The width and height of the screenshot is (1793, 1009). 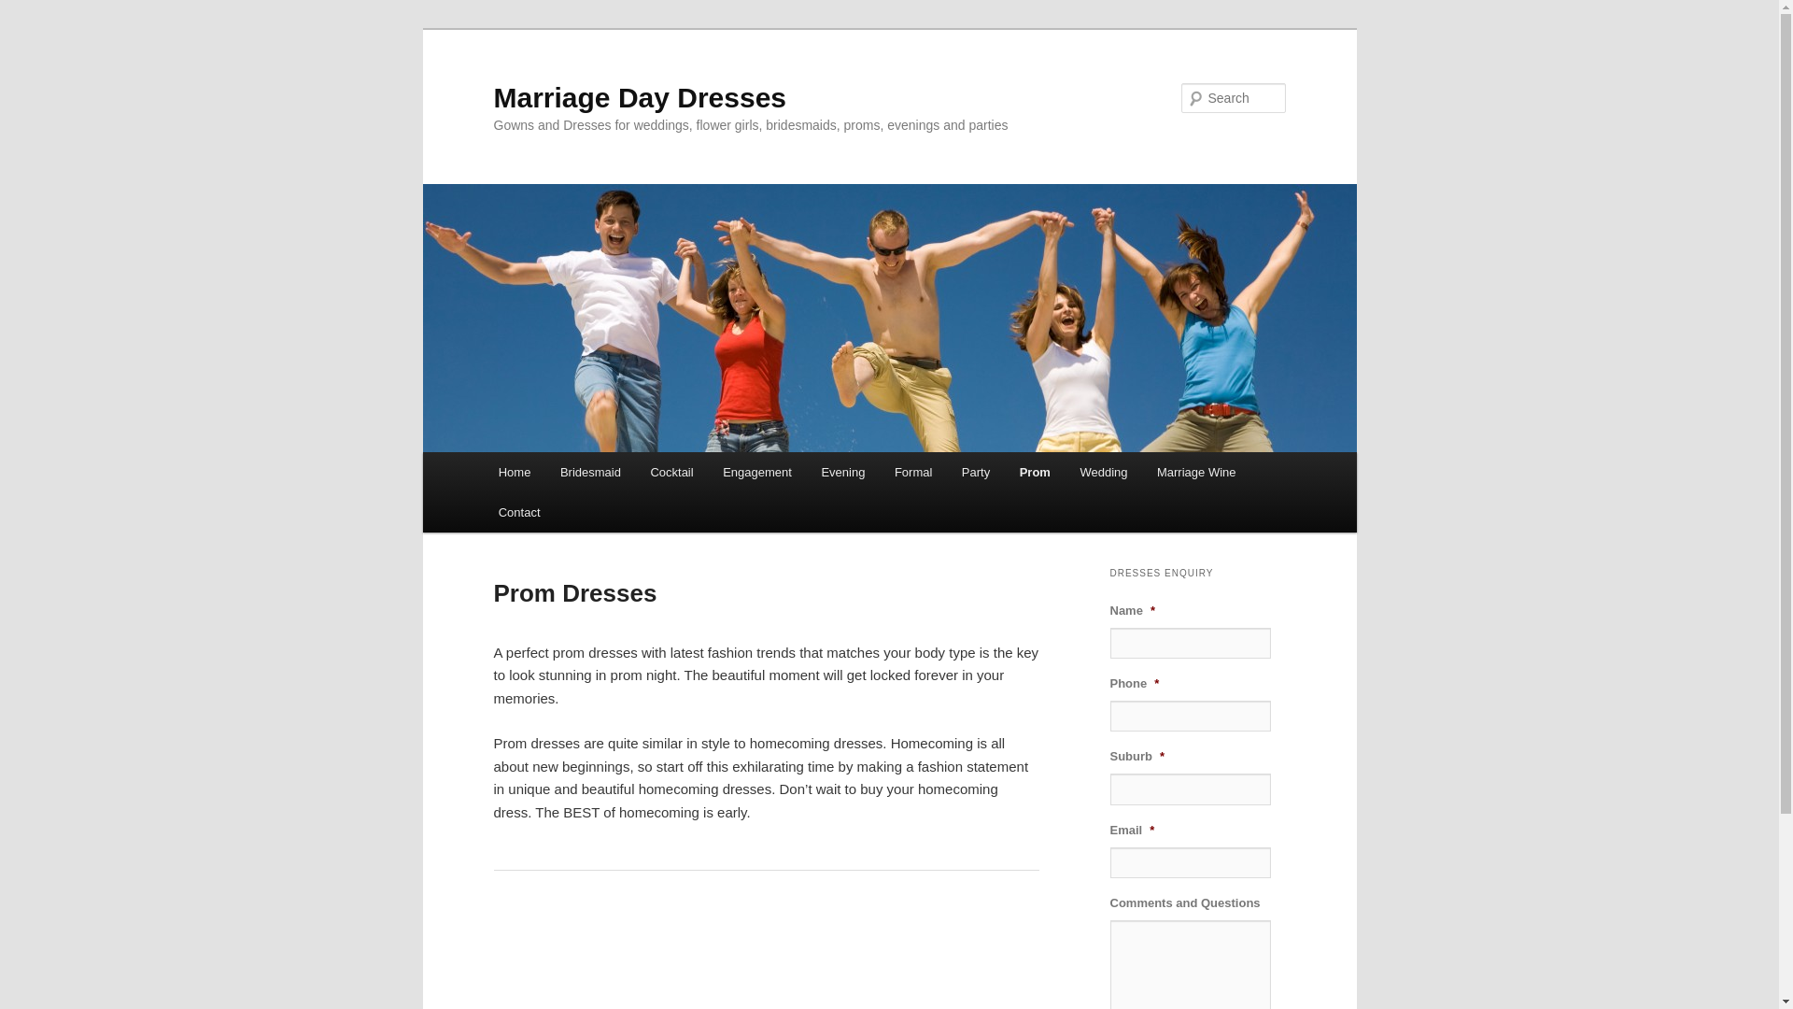 I want to click on 'Marriage Wine', so click(x=1196, y=471).